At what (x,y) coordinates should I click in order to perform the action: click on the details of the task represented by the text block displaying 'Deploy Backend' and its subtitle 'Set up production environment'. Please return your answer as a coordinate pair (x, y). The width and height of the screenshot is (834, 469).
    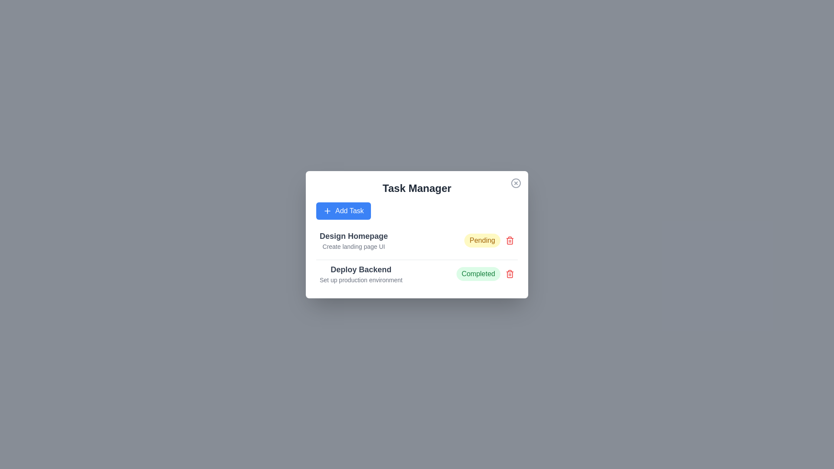
    Looking at the image, I should click on (361, 274).